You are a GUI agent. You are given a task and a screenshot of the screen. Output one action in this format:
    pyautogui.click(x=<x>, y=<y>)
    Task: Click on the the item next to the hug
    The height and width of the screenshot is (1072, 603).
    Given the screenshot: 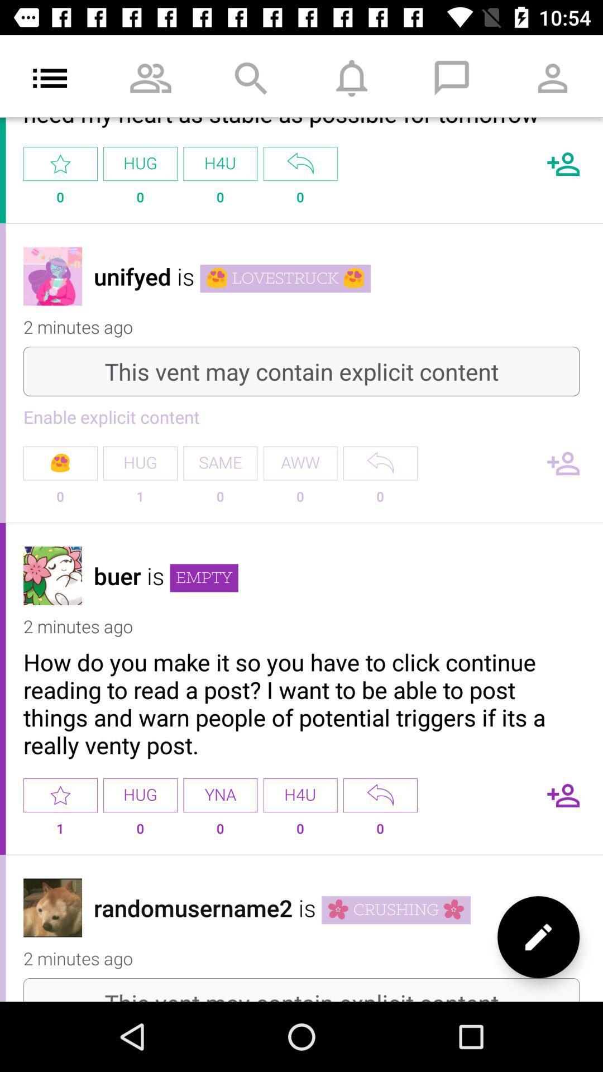 What is the action you would take?
    pyautogui.click(x=220, y=795)
    